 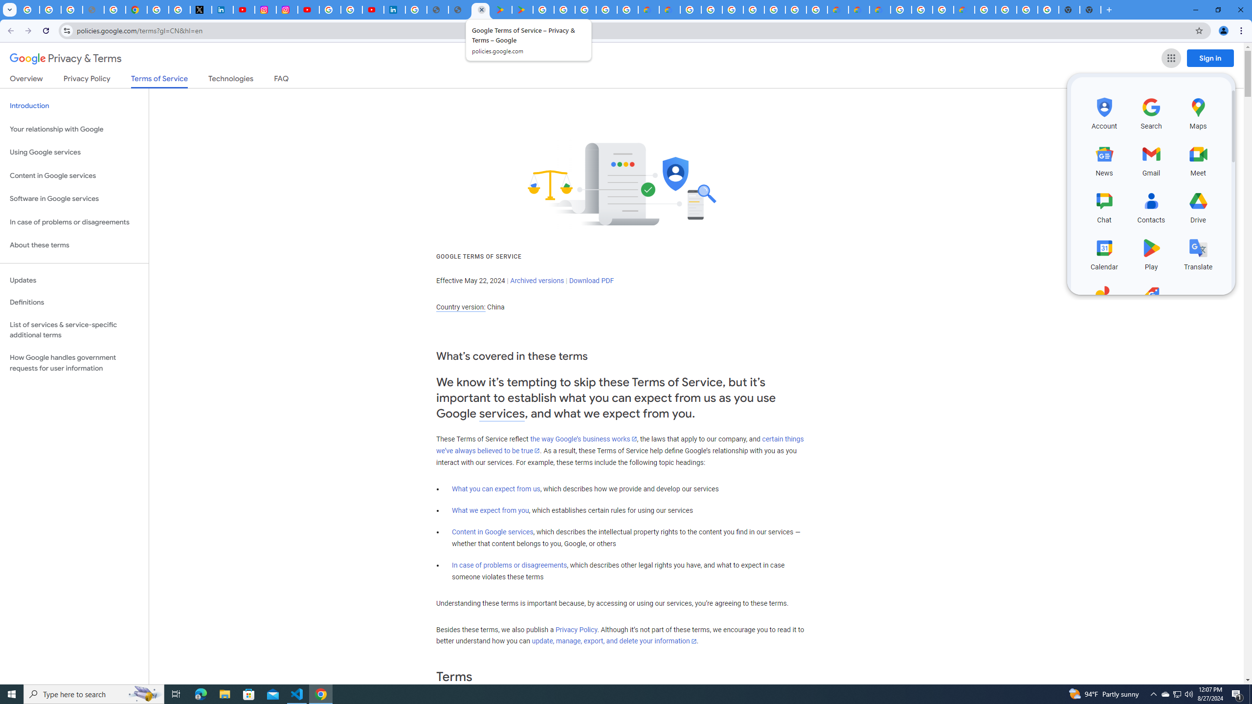 I want to click on 'In case of problems or disagreements', so click(x=509, y=565).